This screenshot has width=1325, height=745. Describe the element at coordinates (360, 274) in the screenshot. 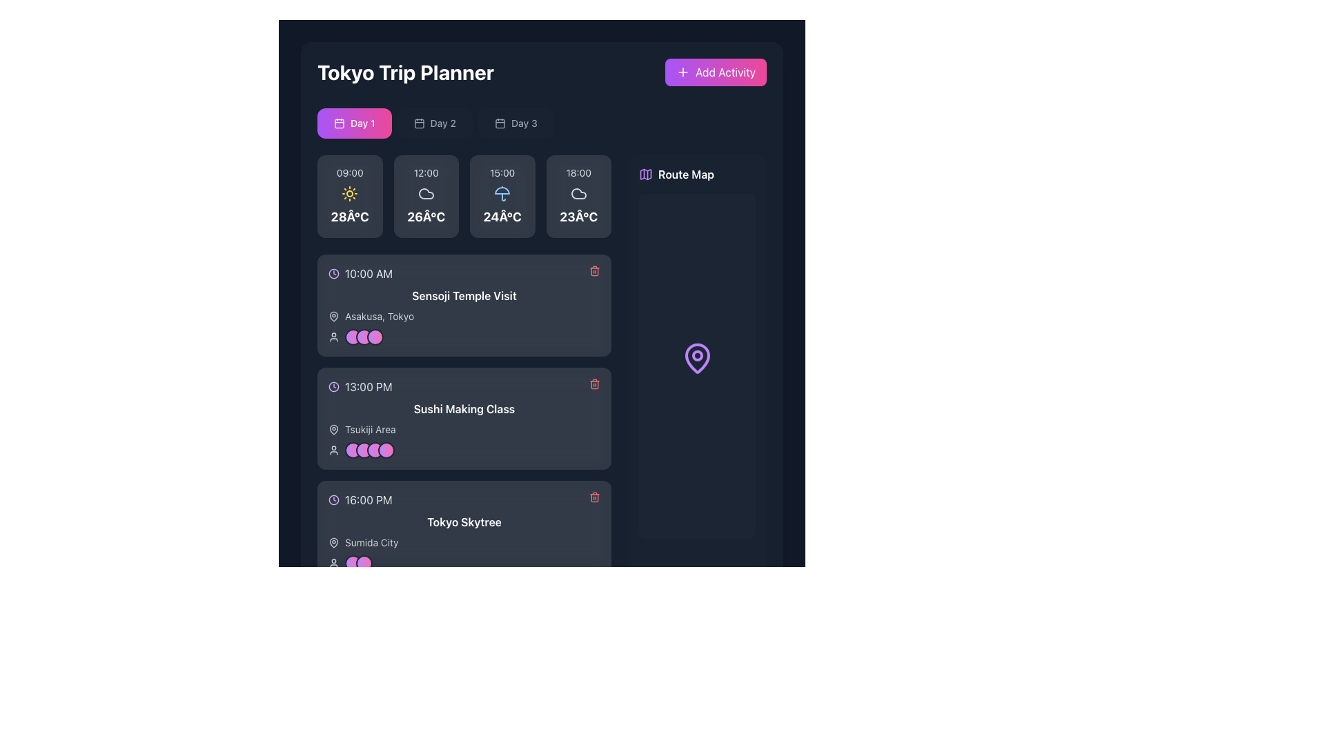

I see `the time displayed in the Time Display Component representing '10:00 AM'` at that location.